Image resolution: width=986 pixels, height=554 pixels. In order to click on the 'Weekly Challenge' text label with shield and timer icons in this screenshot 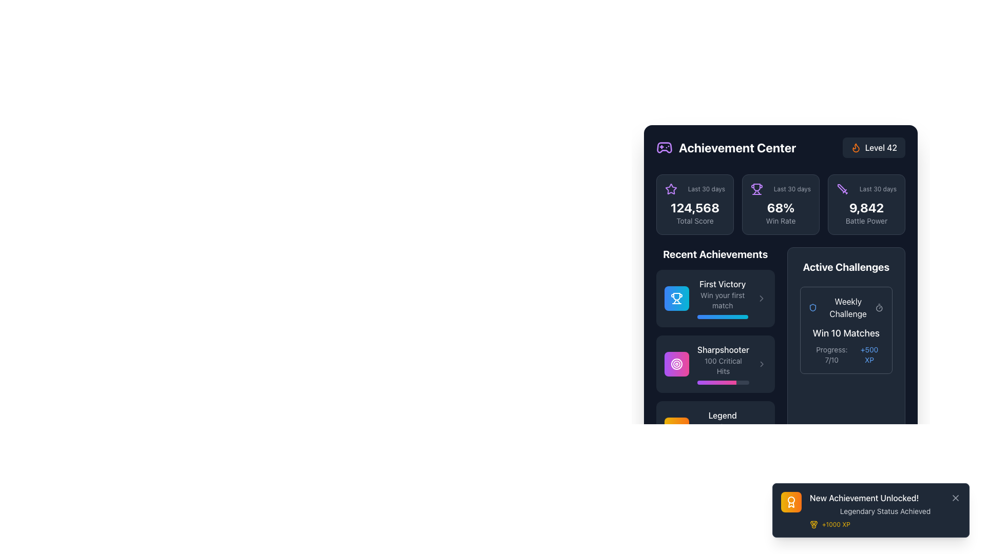, I will do `click(846, 307)`.